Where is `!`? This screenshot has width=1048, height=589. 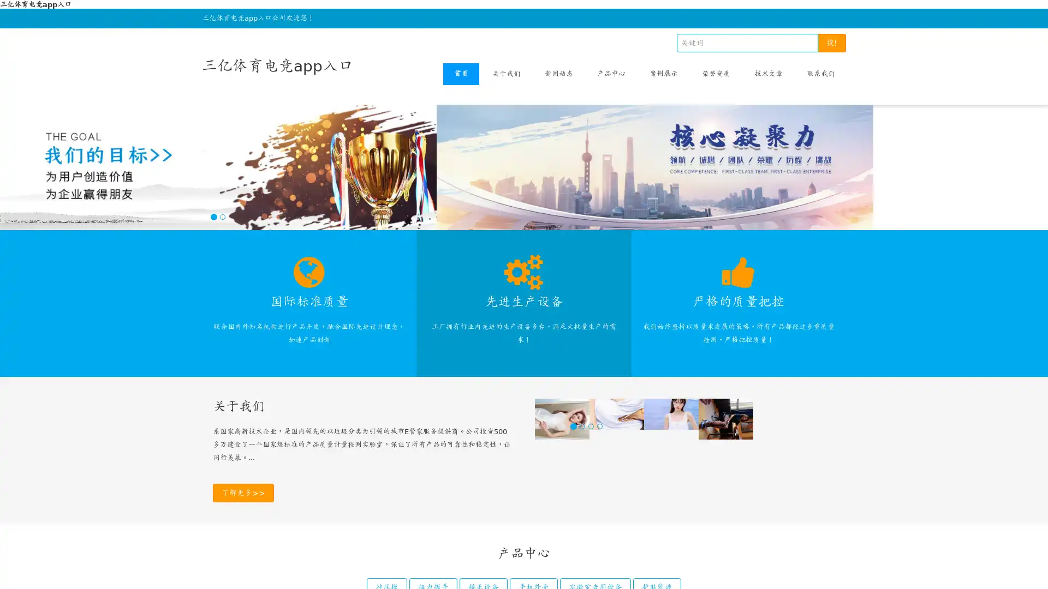 ! is located at coordinates (831, 42).